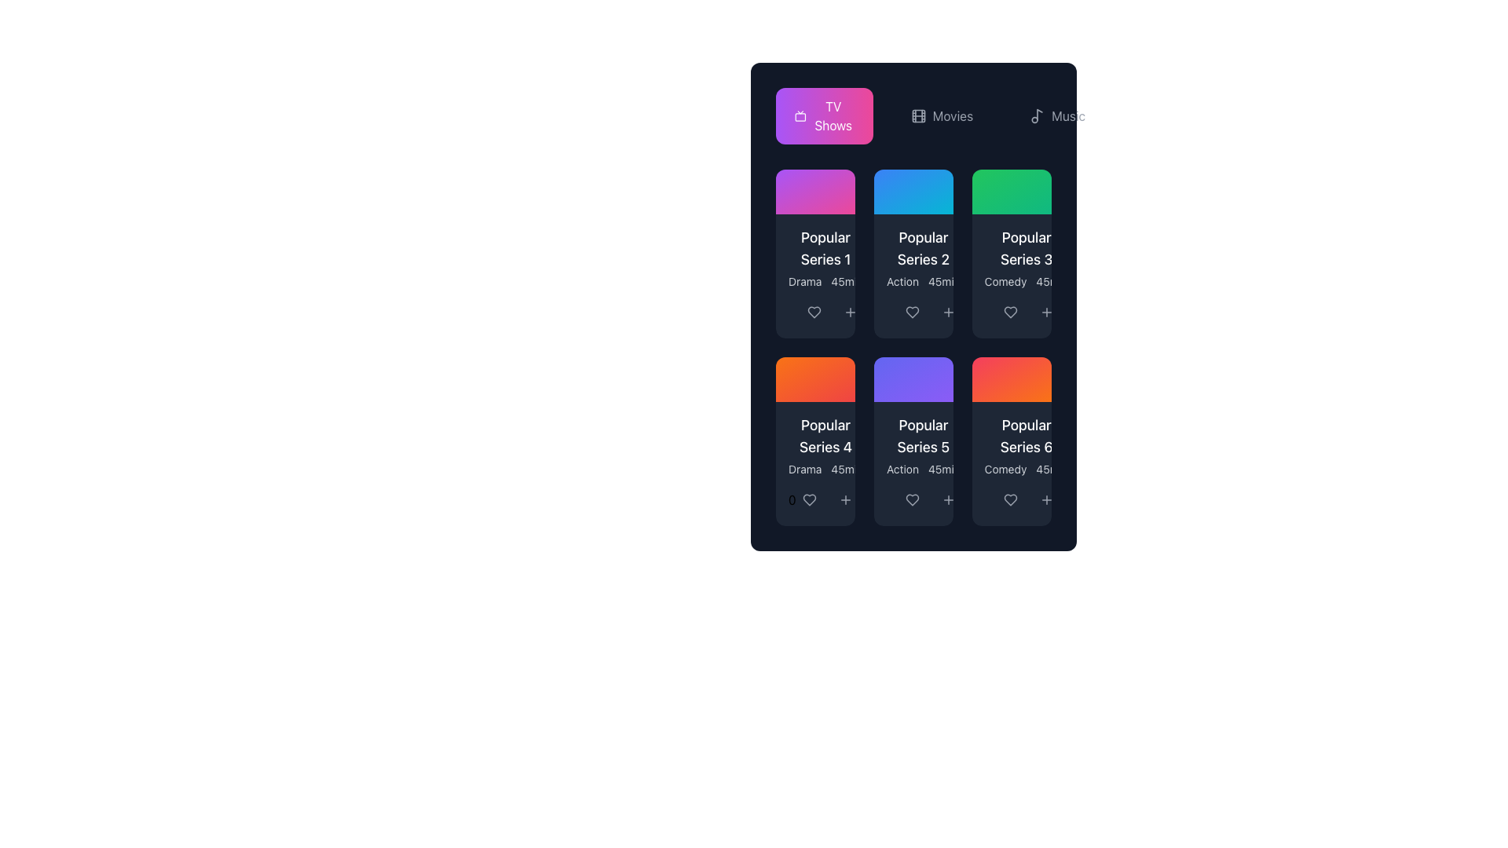 This screenshot has height=848, width=1508. What do you see at coordinates (942, 115) in the screenshot?
I see `the 'Movies' button located in the center of the horizontal navigation menu at the top of the interface` at bounding box center [942, 115].